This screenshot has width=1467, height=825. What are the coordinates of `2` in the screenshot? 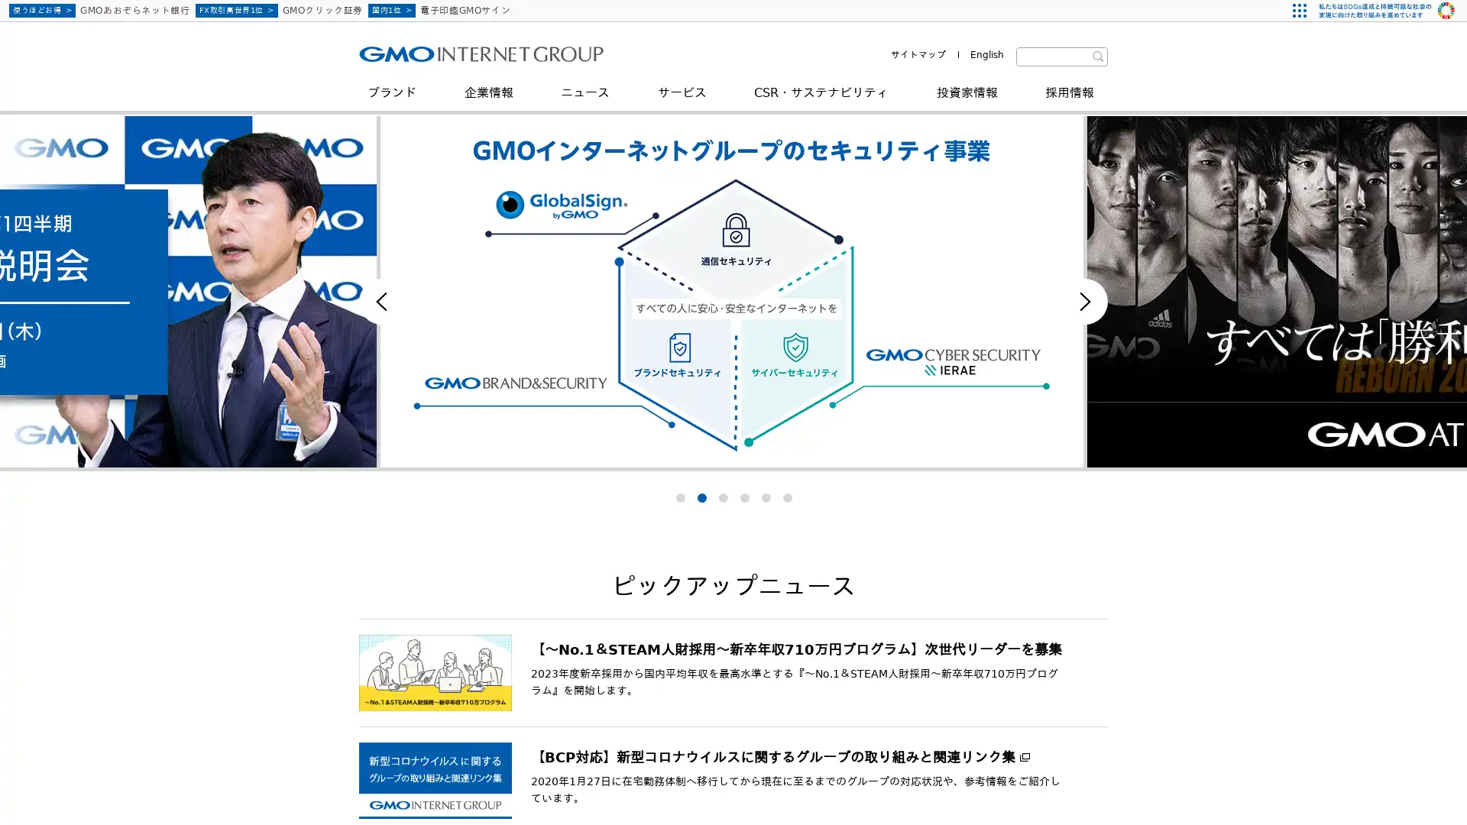 It's located at (700, 497).